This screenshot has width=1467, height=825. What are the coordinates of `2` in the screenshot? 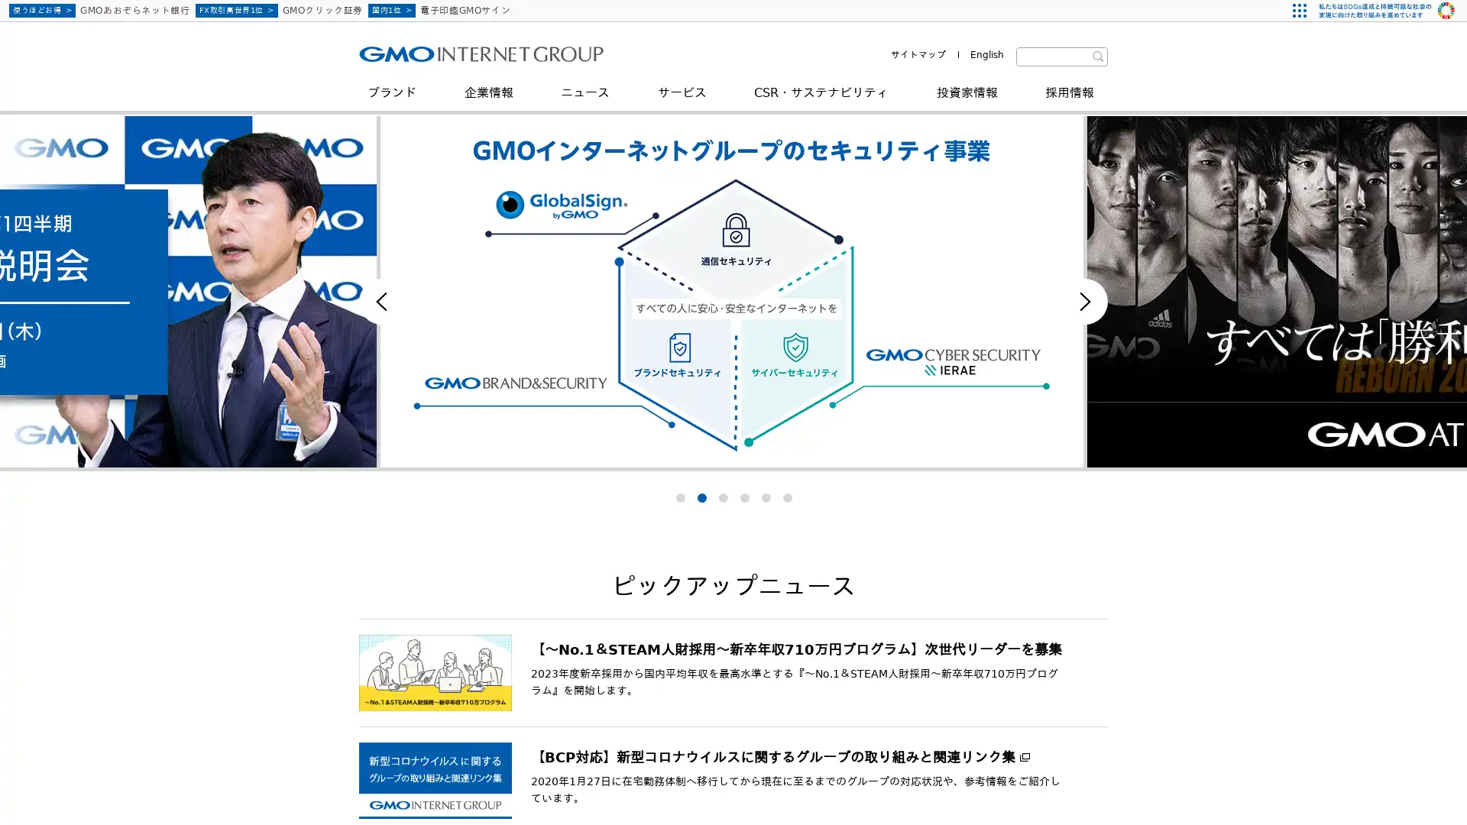 It's located at (700, 497).